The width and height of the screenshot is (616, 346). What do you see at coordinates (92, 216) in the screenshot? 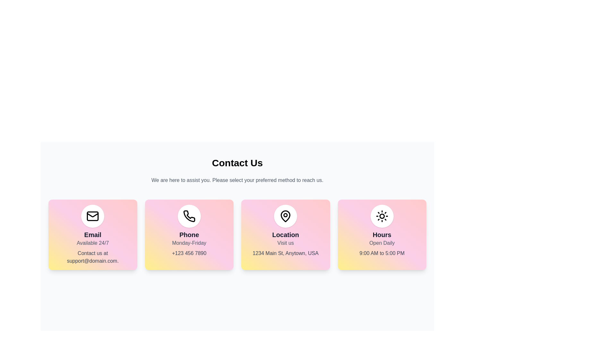
I see `the circular icon with a white background and black envelope outline, located at the top center of the first card in a grid of four cards` at bounding box center [92, 216].